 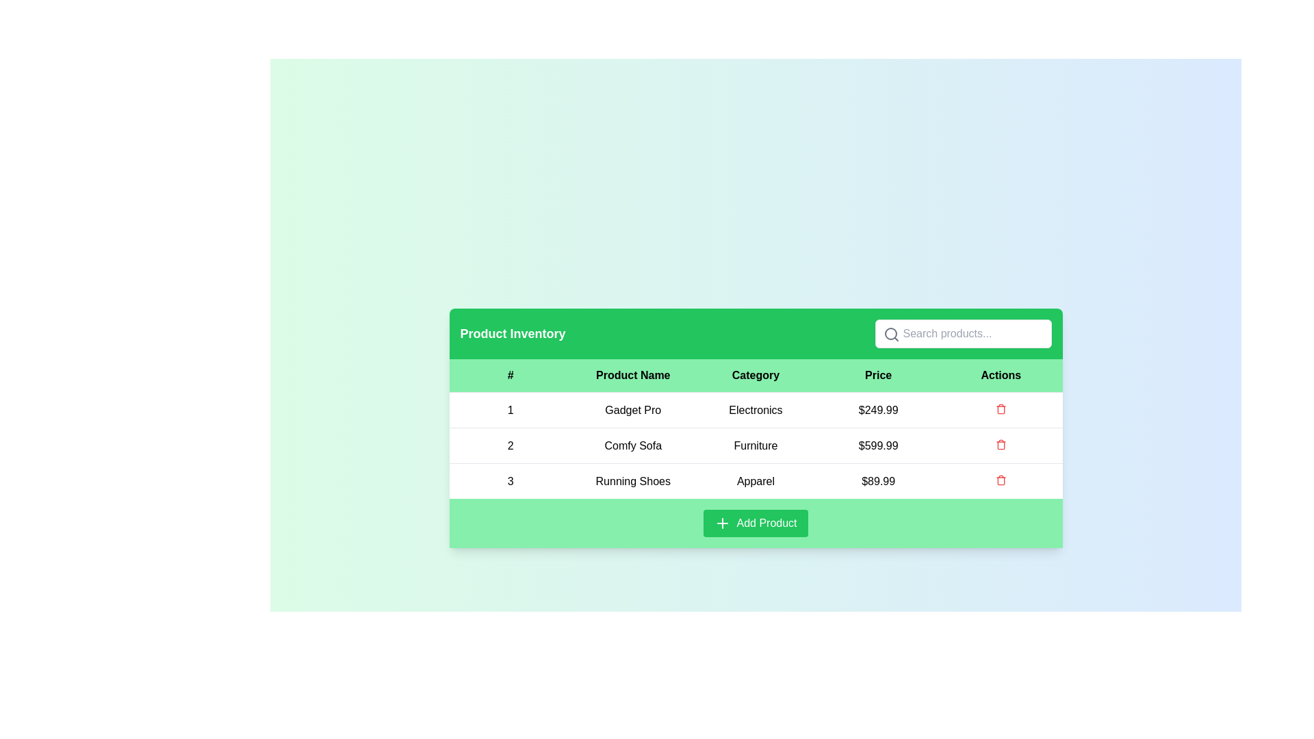 I want to click on the bold text label reading 'Product Inventory' that is styled with a large font size and white color against a green background, located at the upper left side of the header section of the card-like component, so click(x=512, y=334).